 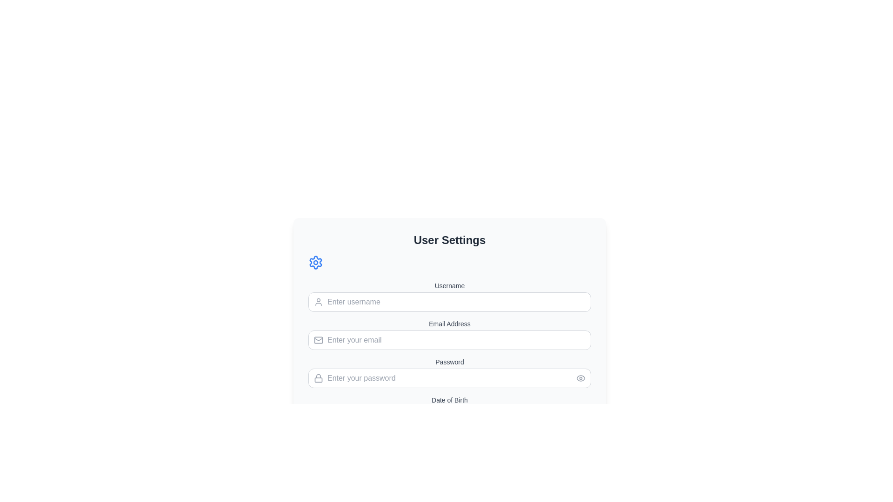 What do you see at coordinates (449, 372) in the screenshot?
I see `the Password input field with visibility toggle, which is the third field in the vertical form layout` at bounding box center [449, 372].